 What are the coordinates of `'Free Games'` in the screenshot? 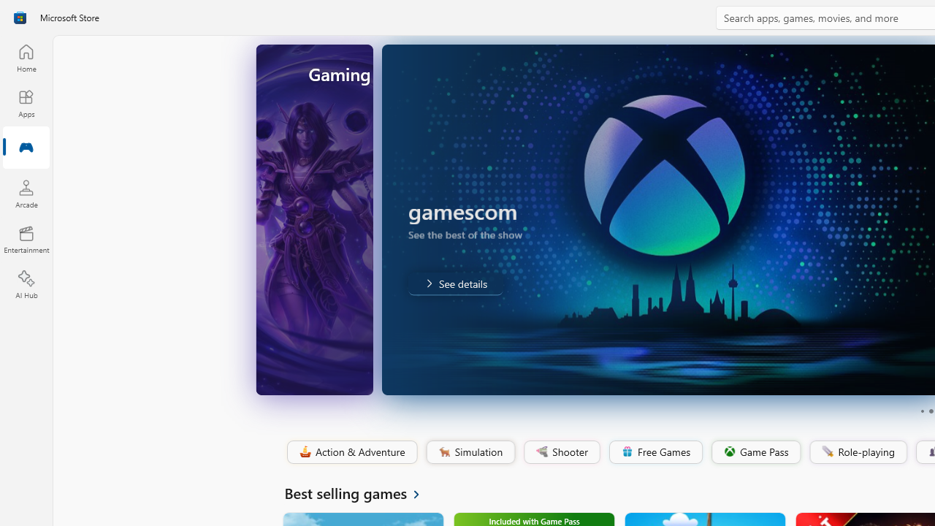 It's located at (654, 451).